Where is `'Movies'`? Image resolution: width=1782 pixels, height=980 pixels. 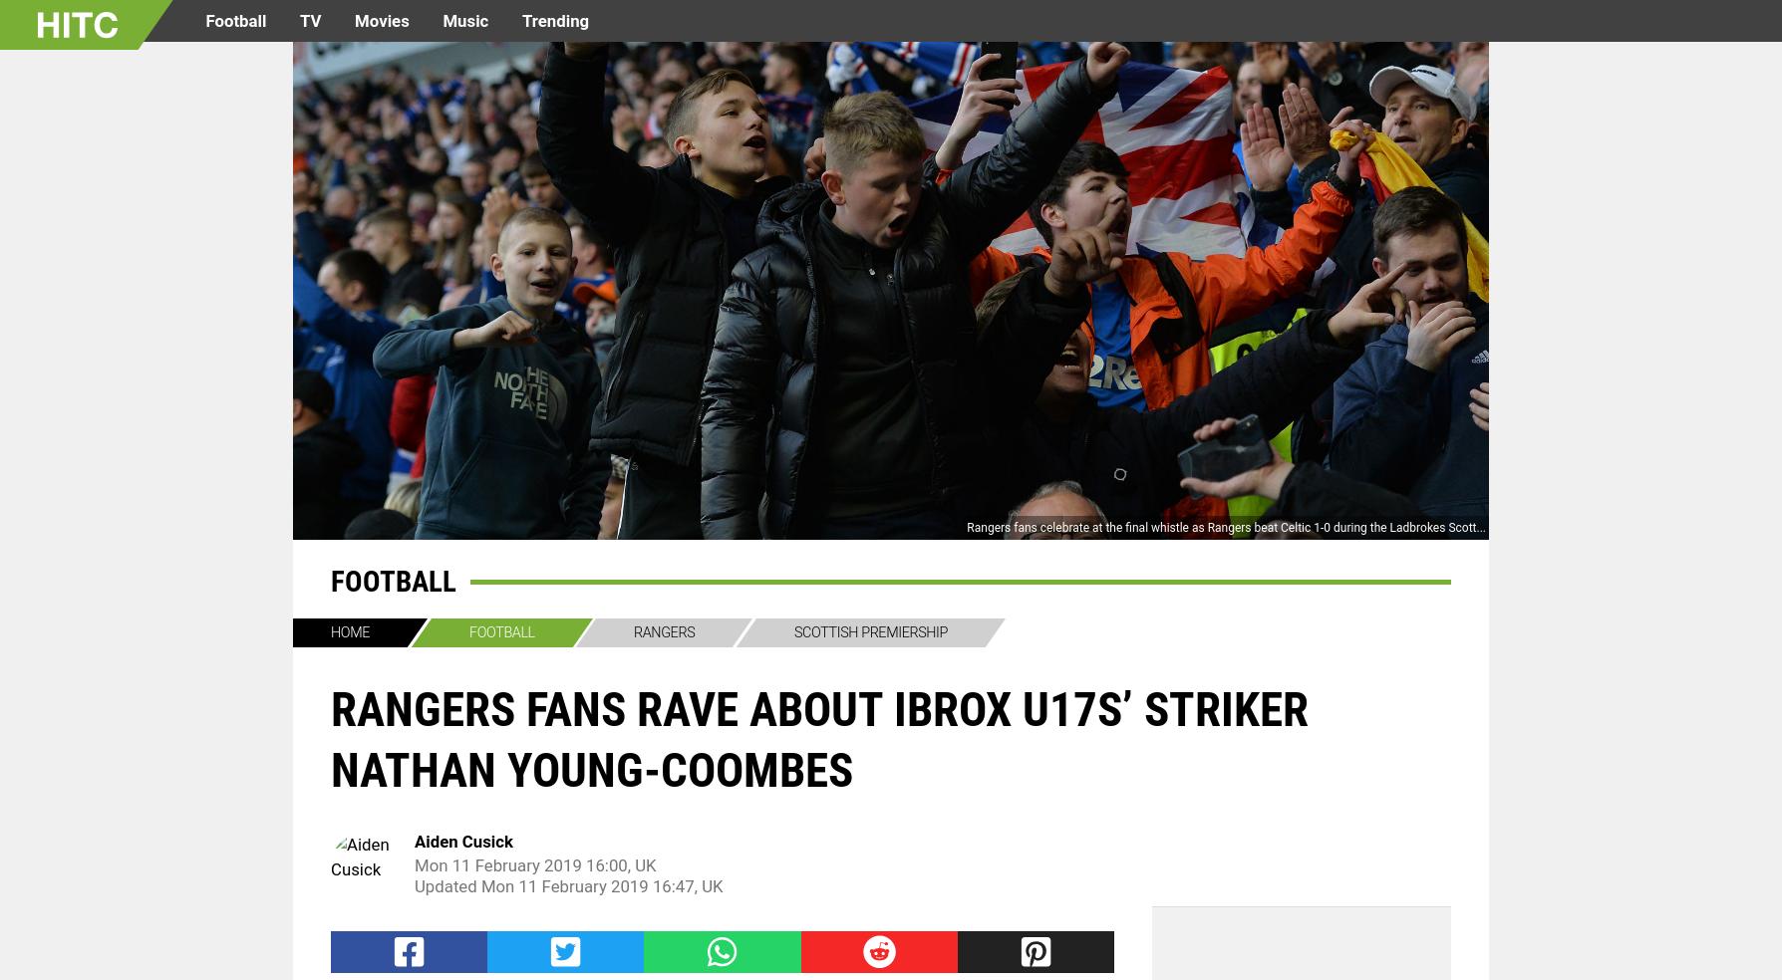 'Movies' is located at coordinates (353, 18).